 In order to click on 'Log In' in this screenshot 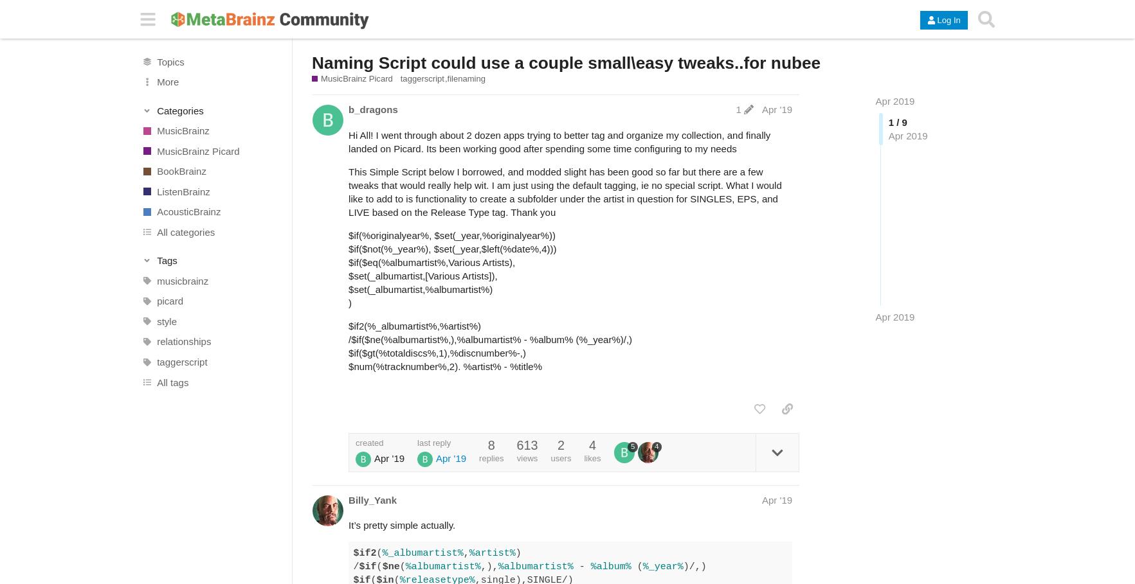, I will do `click(949, 19)`.